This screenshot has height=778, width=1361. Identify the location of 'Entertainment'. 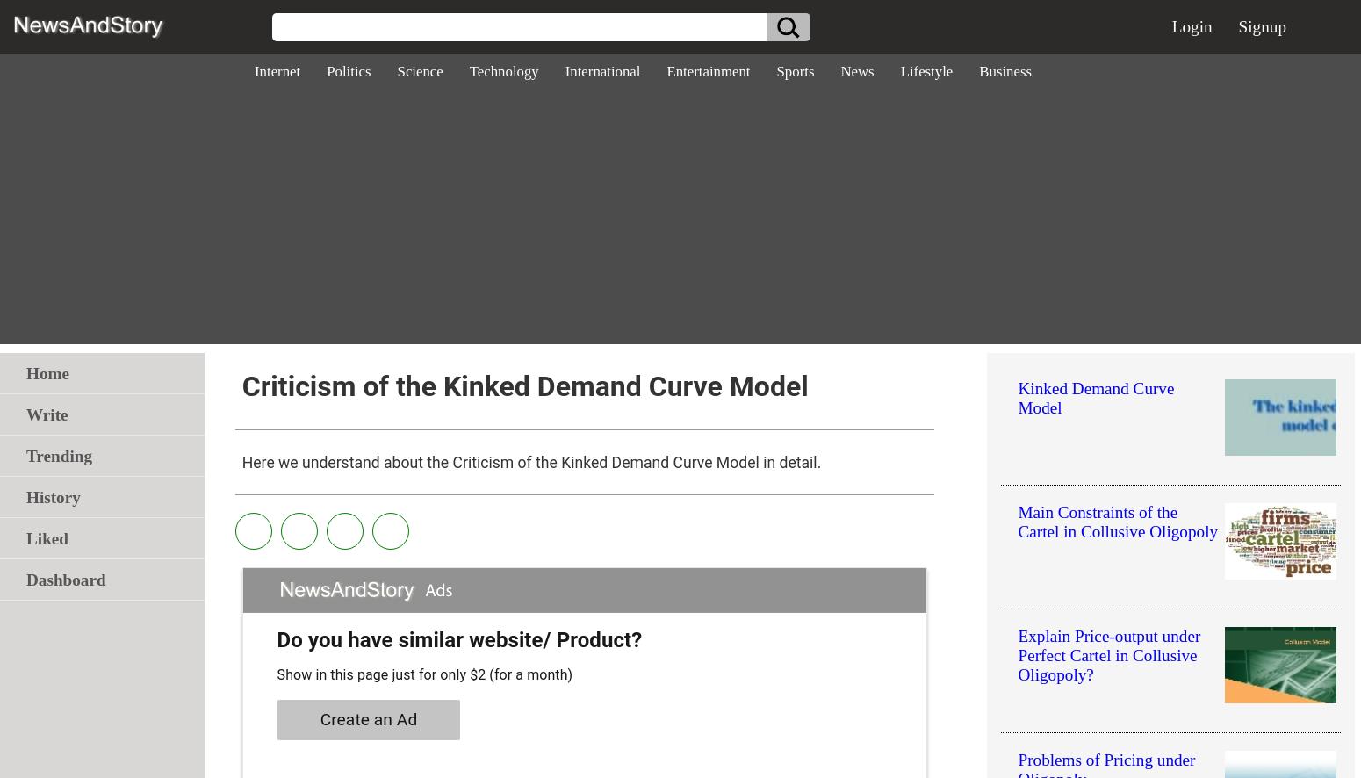
(707, 70).